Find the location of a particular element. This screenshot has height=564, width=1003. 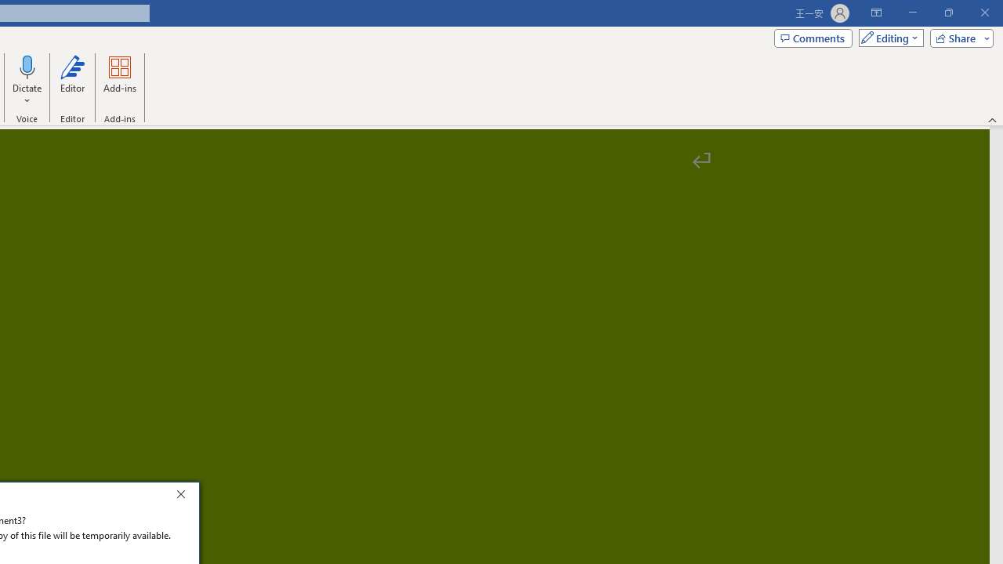

'Dictate' is located at coordinates (27, 81).